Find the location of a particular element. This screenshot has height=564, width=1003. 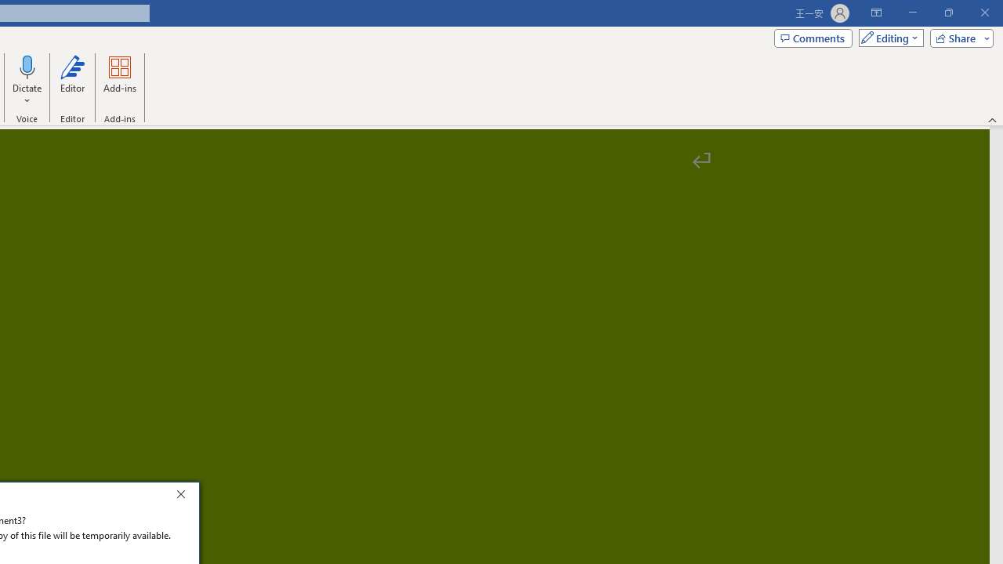

'Dictate' is located at coordinates (27, 81).